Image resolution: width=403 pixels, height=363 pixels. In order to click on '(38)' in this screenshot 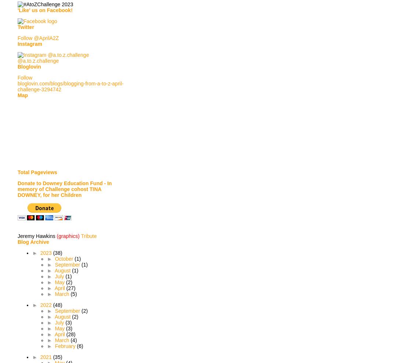, I will do `click(57, 253)`.